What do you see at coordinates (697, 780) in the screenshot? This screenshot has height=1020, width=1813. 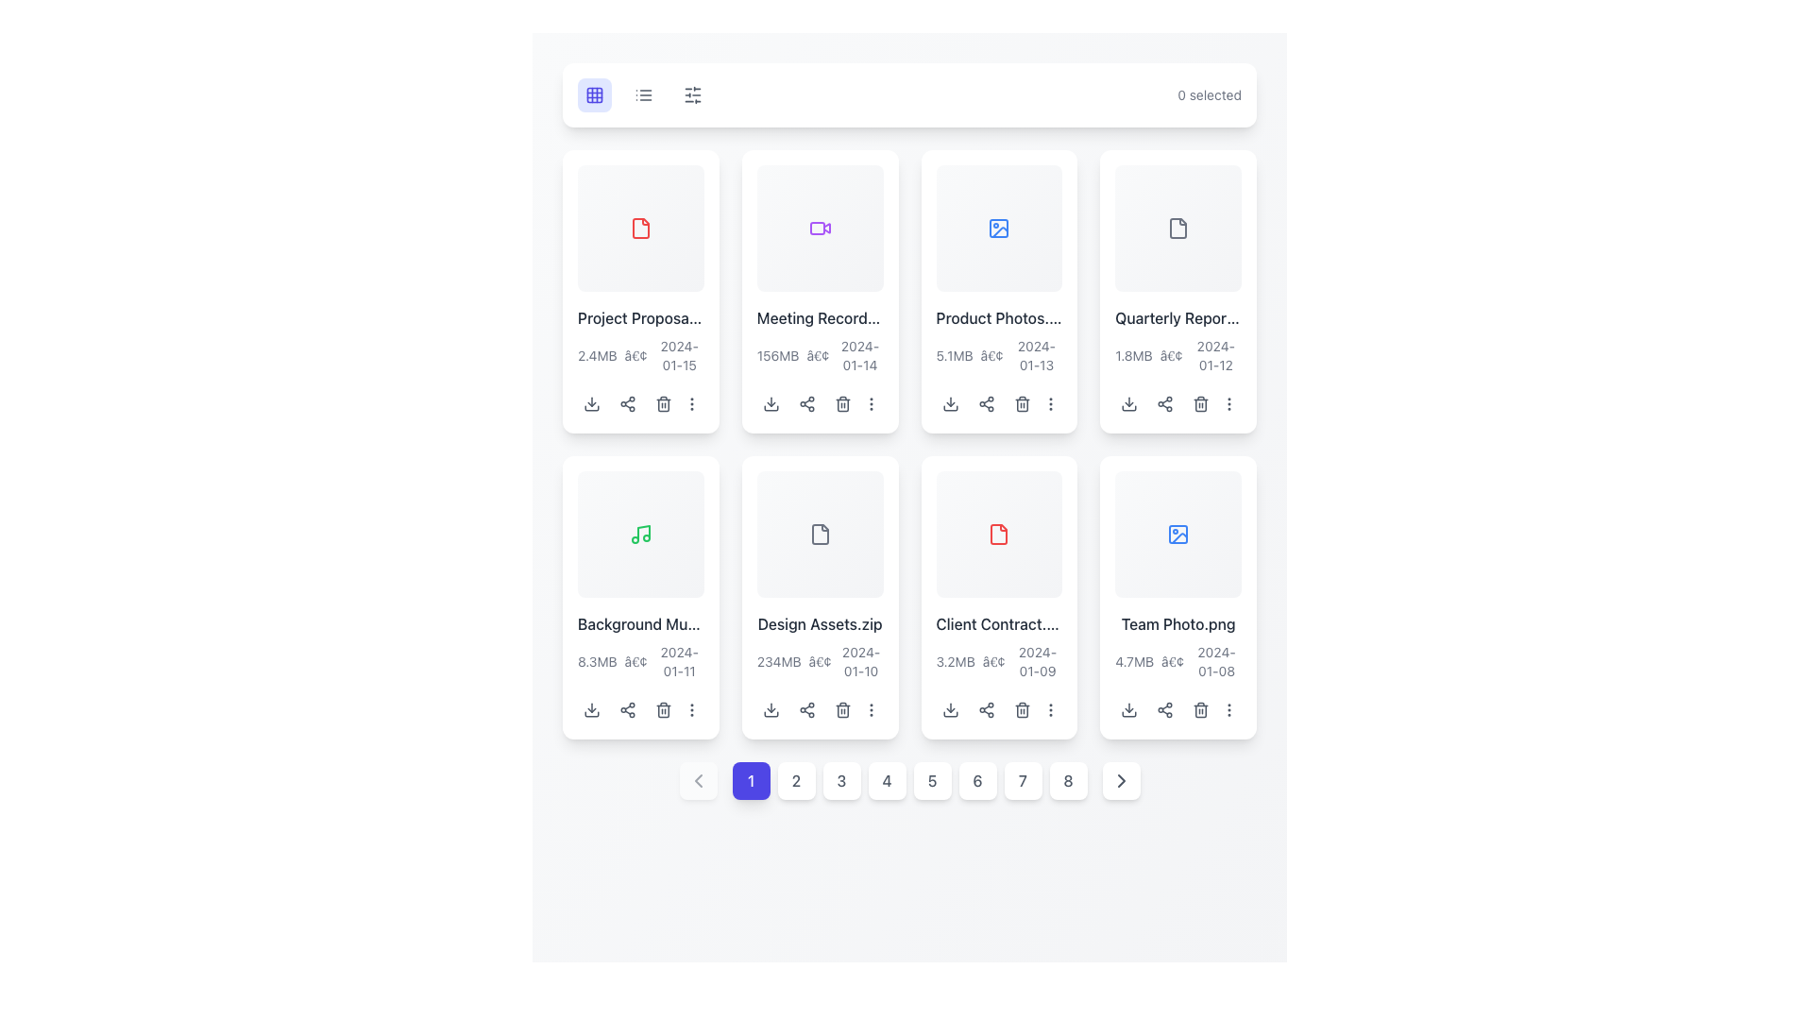 I see `the left-facing chevron icon button located in the bottom-left corner of the pagination controls` at bounding box center [697, 780].